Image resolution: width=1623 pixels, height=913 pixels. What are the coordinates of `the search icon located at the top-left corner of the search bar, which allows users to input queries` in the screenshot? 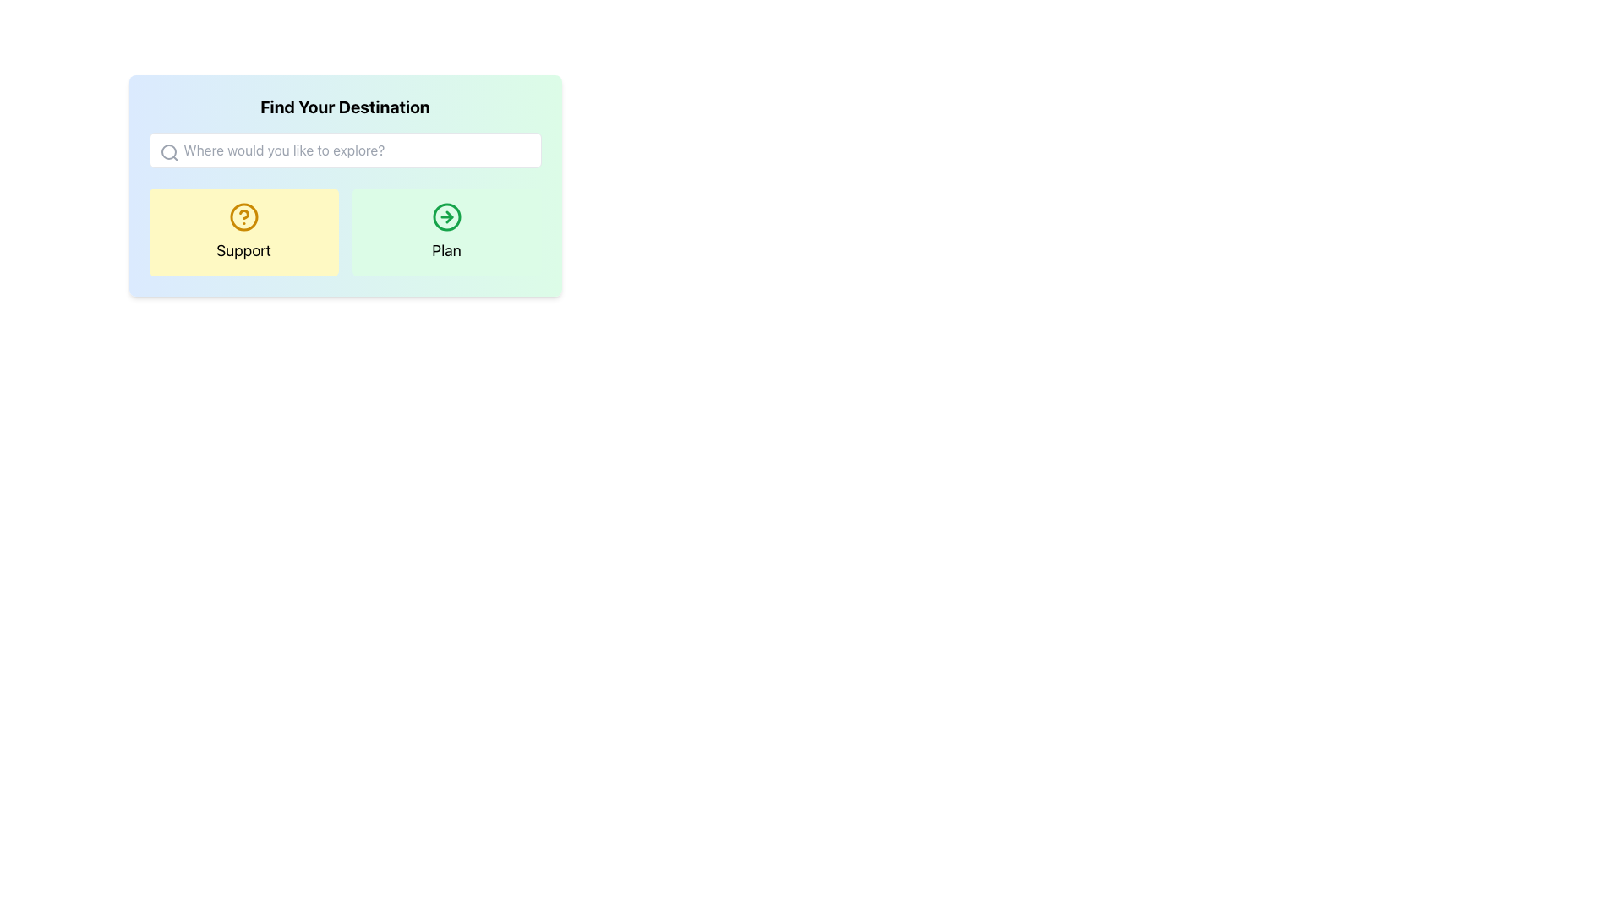 It's located at (169, 153).